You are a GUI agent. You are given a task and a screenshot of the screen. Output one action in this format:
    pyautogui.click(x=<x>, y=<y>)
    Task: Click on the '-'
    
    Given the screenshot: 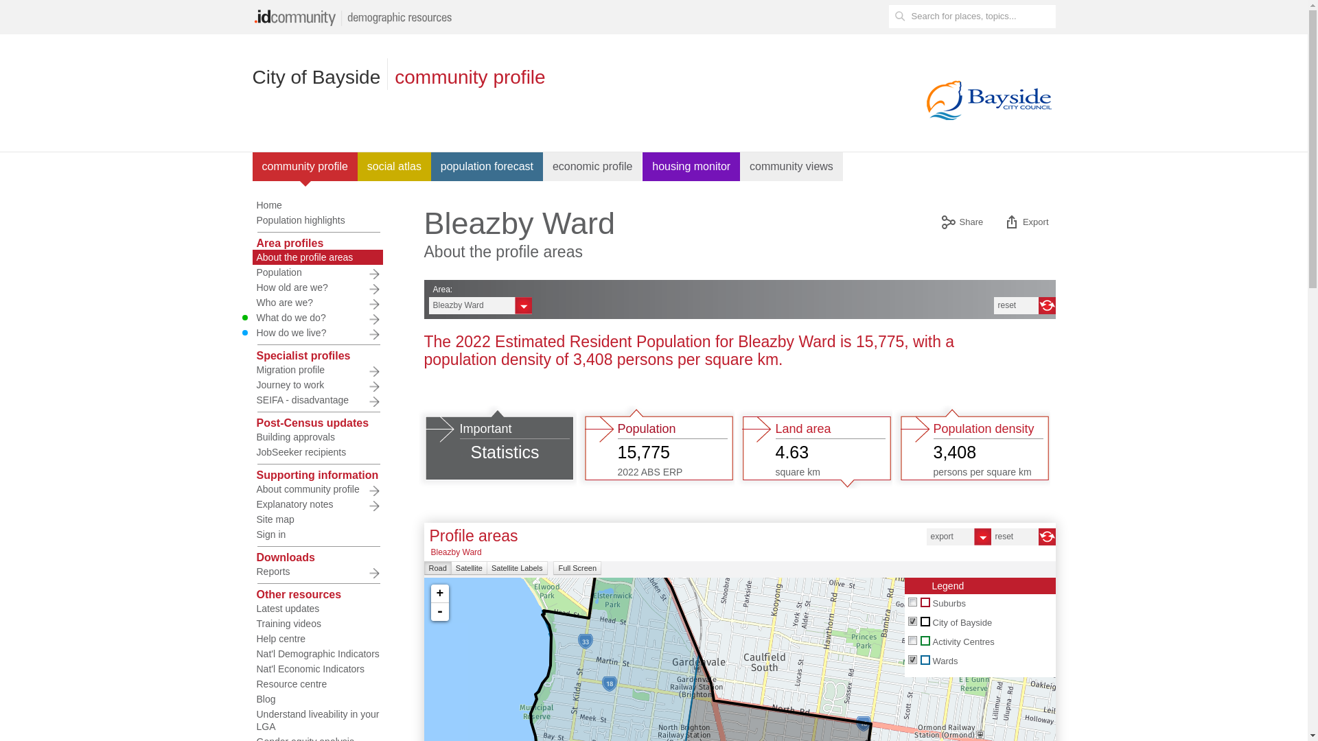 What is the action you would take?
    pyautogui.click(x=440, y=611)
    